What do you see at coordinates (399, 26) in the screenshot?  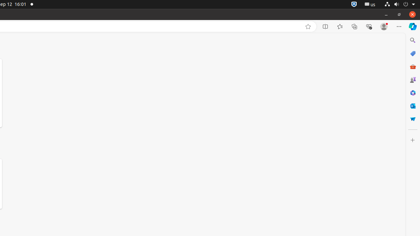 I see `'Settings and more (Alt+F)'` at bounding box center [399, 26].